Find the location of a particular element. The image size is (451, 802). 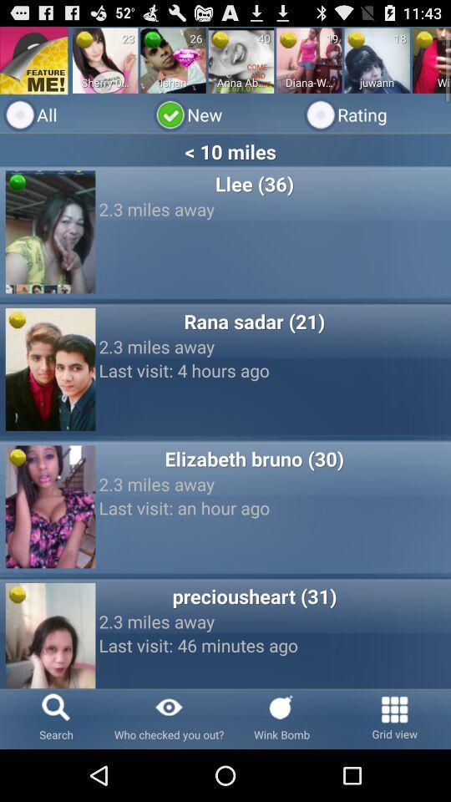

the icon above all radio button is located at coordinates (172, 60).